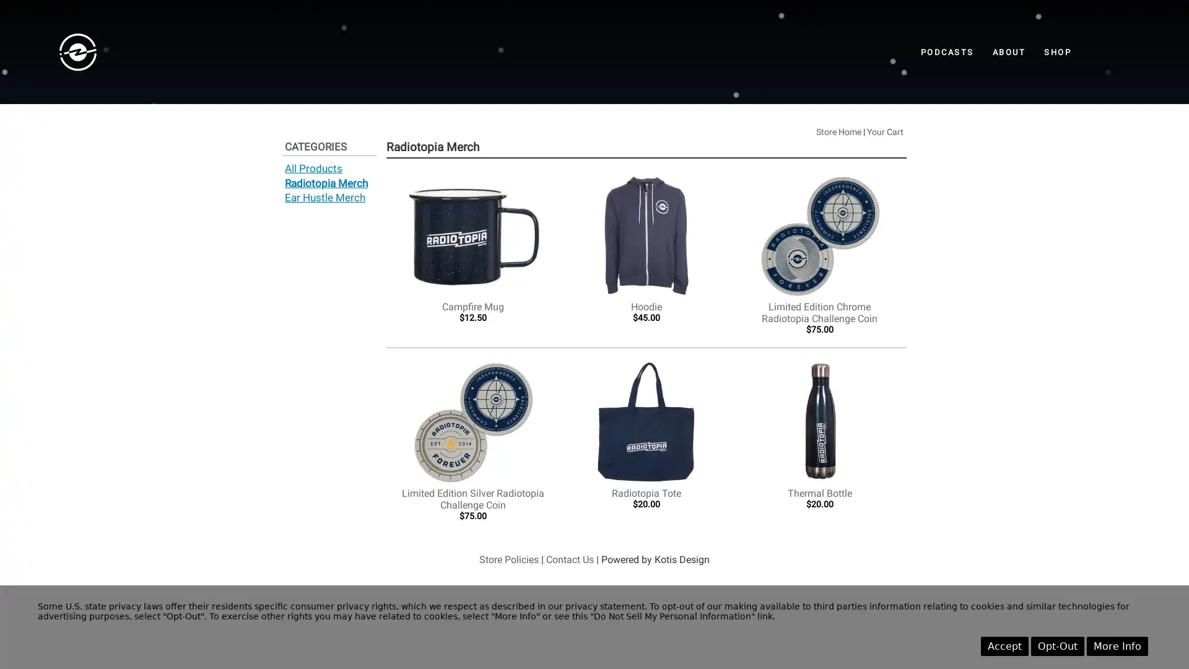 The width and height of the screenshot is (1189, 669). I want to click on Opt-Out, so click(1057, 645).